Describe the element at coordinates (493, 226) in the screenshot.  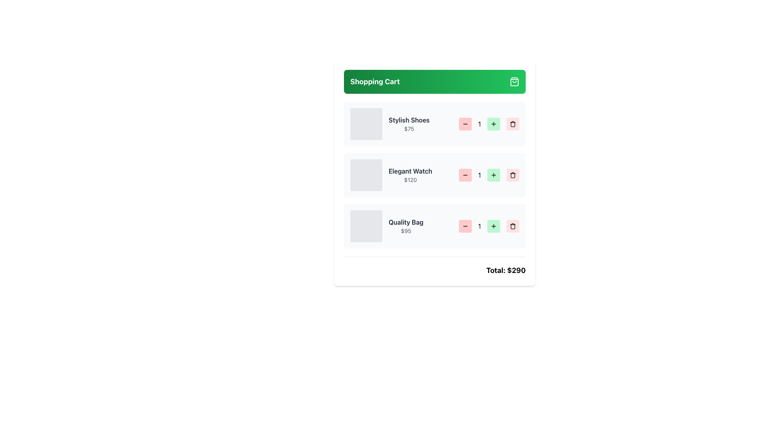
I see `the small, rounded, green button with a '+' icon located beside the 'Quality Bag' item in the shopping cart interface` at that location.